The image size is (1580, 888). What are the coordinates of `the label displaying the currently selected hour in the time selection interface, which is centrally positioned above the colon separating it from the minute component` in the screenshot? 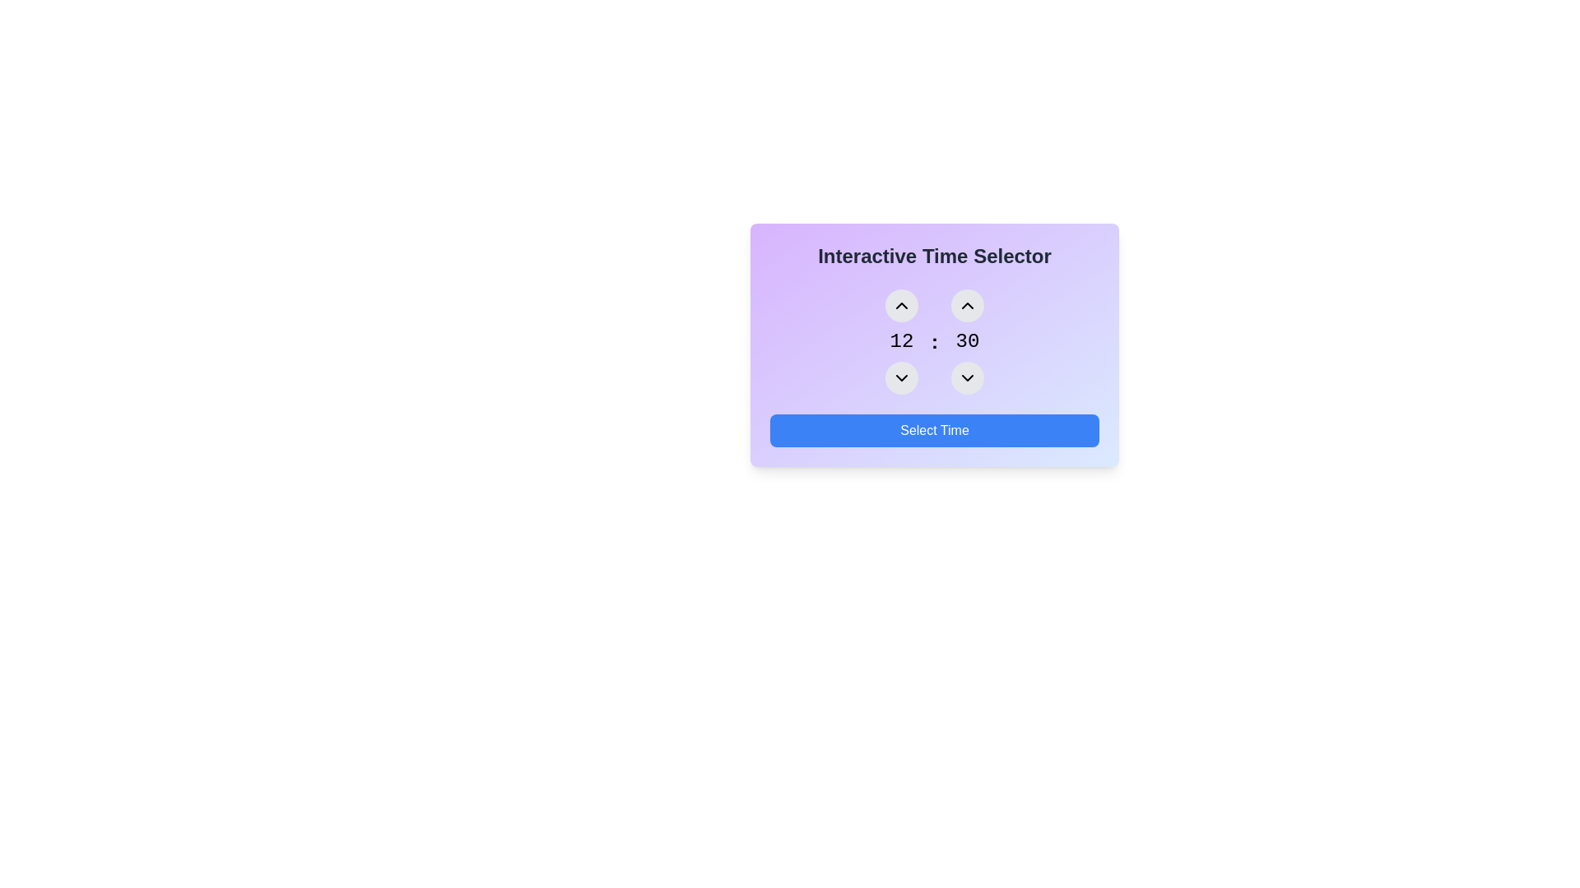 It's located at (900, 341).